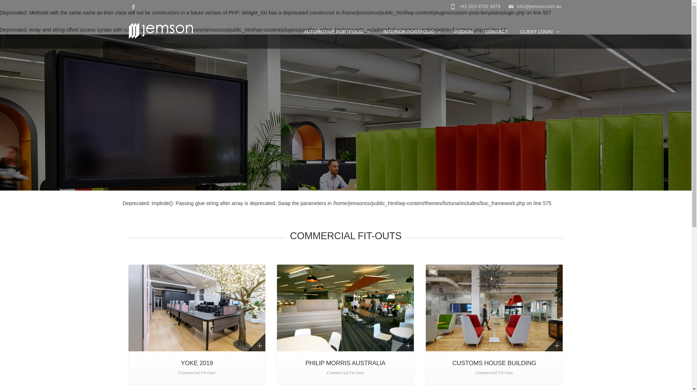  I want to click on 'info@jemson.com.au', so click(439, 323).